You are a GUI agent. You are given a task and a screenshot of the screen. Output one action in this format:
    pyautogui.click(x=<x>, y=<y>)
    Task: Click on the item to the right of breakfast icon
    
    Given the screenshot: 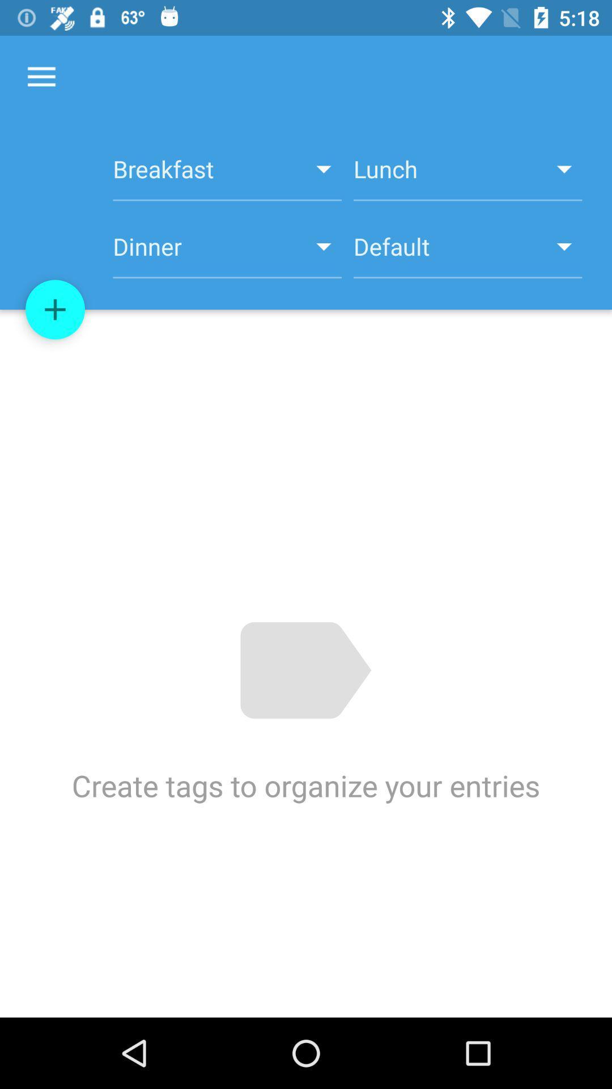 What is the action you would take?
    pyautogui.click(x=467, y=175)
    